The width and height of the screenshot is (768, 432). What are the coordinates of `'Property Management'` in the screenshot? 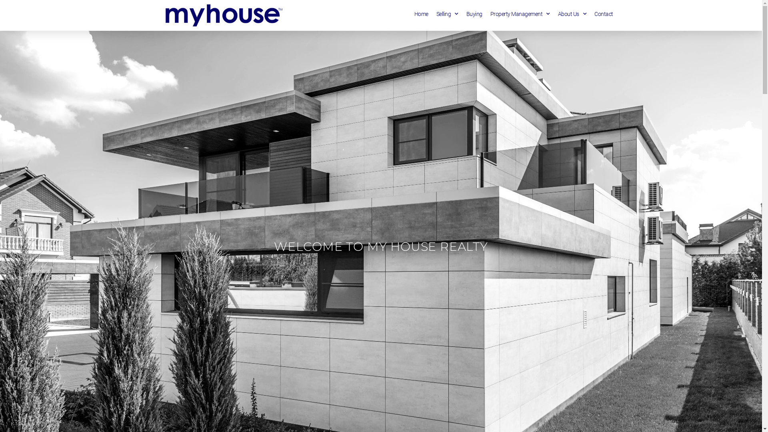 It's located at (520, 14).